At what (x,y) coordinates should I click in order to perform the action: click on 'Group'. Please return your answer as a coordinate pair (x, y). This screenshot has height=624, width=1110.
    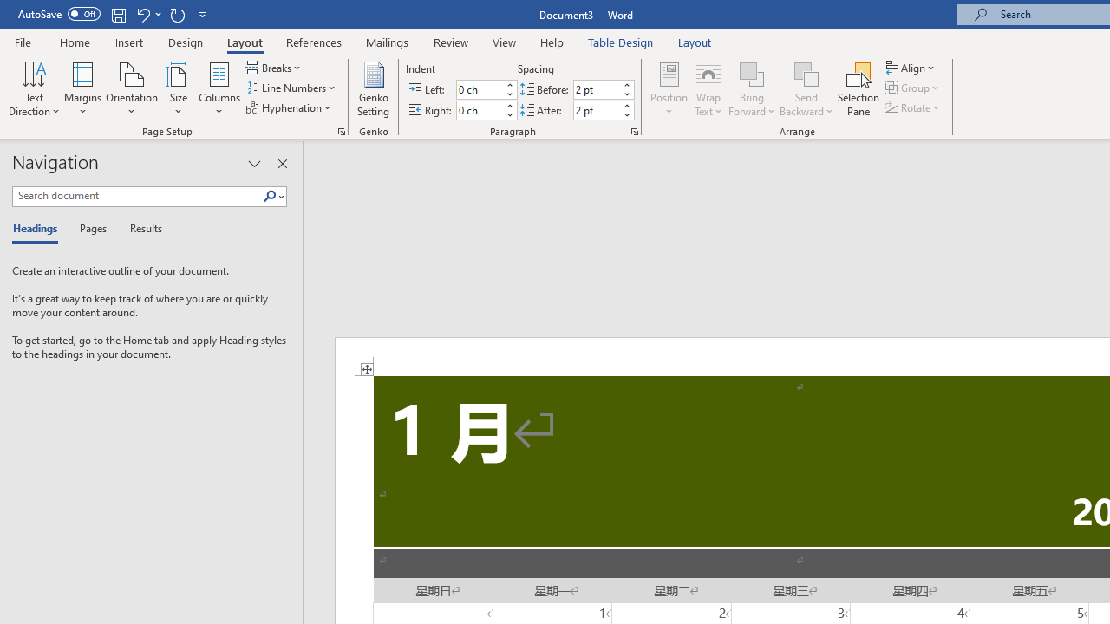
    Looking at the image, I should click on (913, 88).